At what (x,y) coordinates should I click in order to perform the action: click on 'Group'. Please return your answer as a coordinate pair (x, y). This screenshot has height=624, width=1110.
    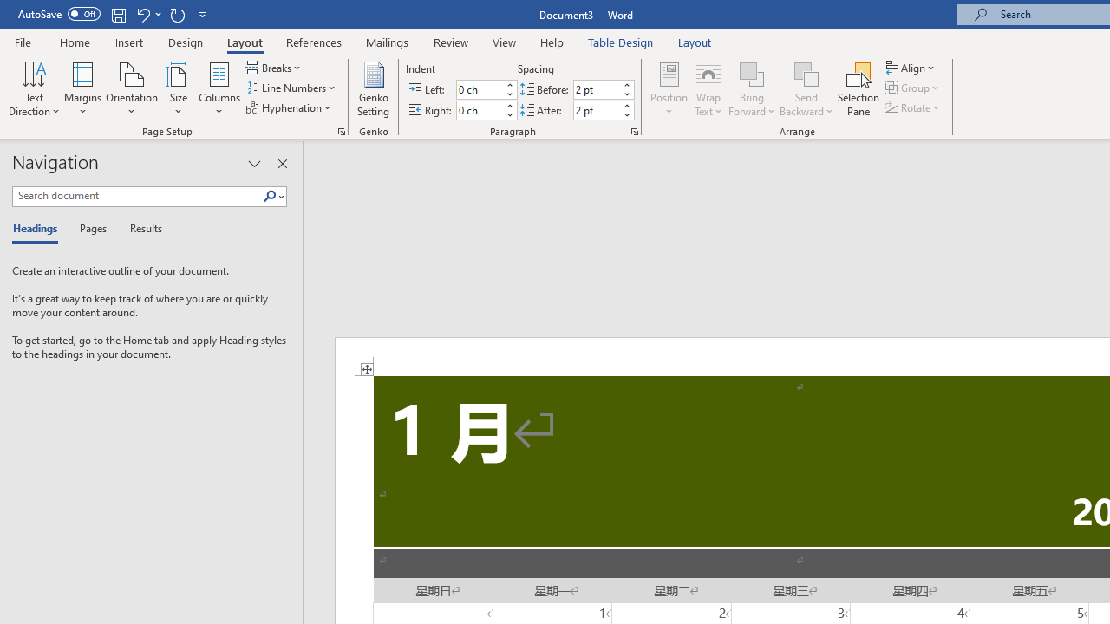
    Looking at the image, I should click on (913, 88).